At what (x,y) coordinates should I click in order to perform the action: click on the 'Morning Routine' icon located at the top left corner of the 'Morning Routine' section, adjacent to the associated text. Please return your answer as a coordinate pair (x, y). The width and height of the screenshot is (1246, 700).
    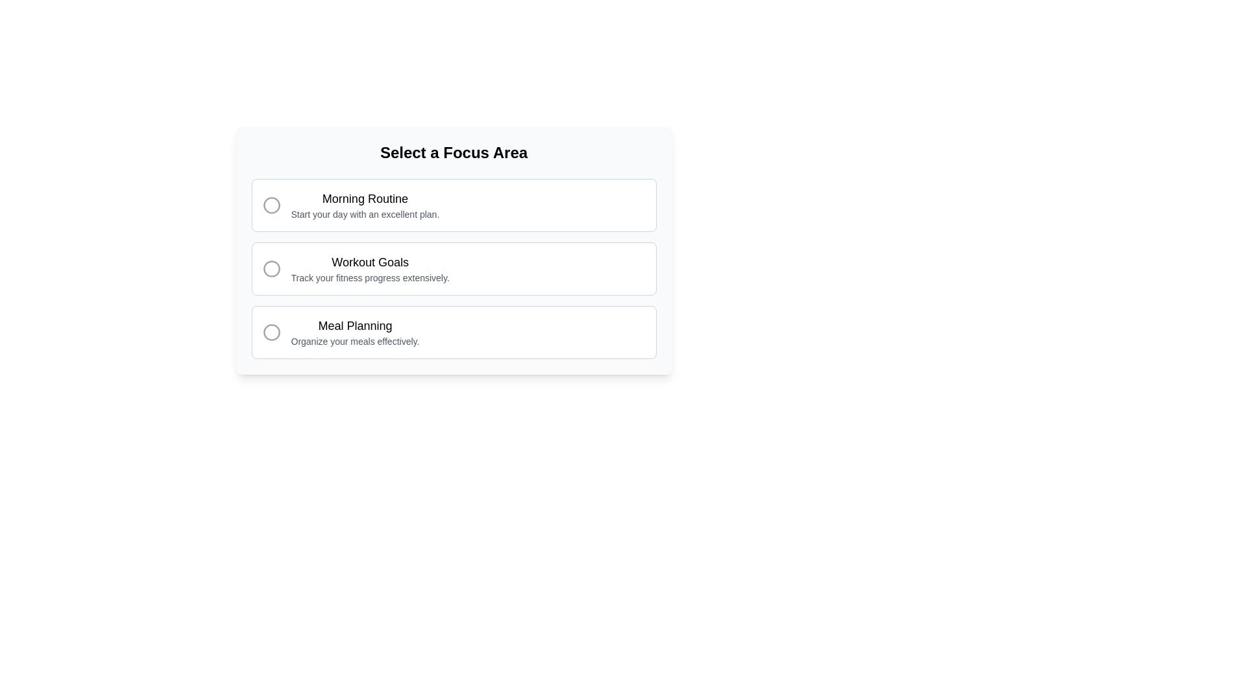
    Looking at the image, I should click on (271, 204).